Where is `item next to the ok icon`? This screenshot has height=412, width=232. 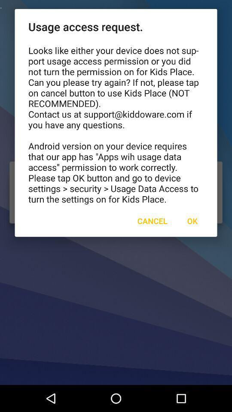
item next to the ok icon is located at coordinates (152, 220).